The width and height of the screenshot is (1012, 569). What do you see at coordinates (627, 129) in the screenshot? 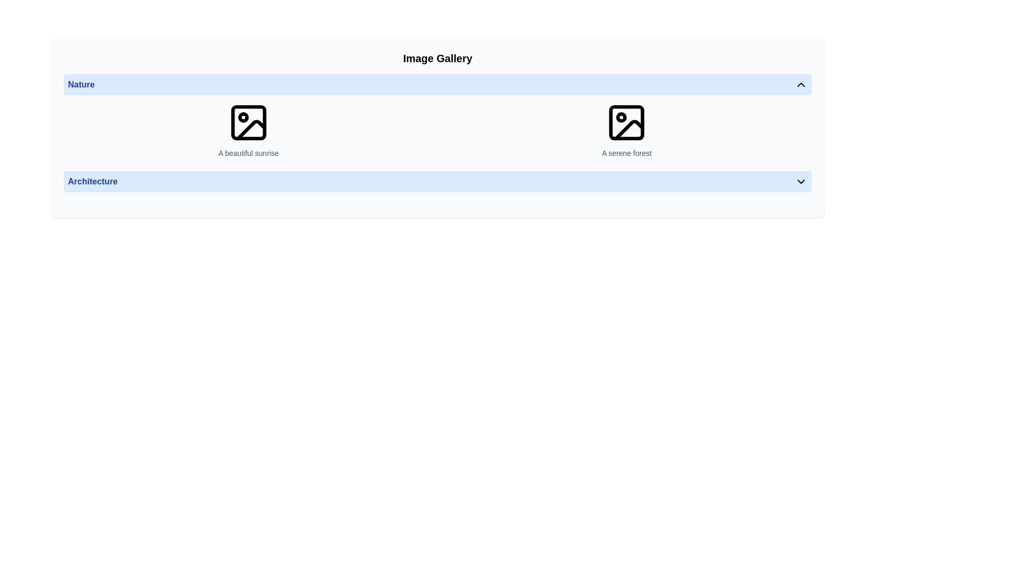
I see `the Icon with descriptive text representing a serene forest, located in the second column of the Nature gallery section` at bounding box center [627, 129].